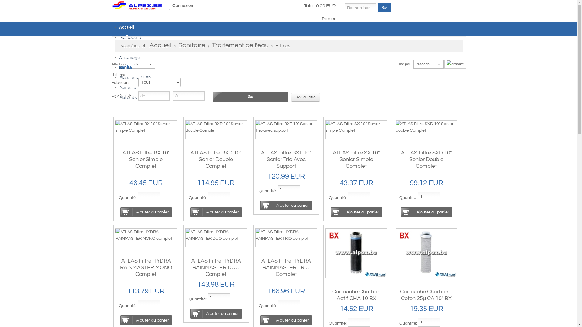 This screenshot has width=582, height=327. I want to click on 'Cartouche Charbon Actif CHA 10 BX', so click(356, 295).